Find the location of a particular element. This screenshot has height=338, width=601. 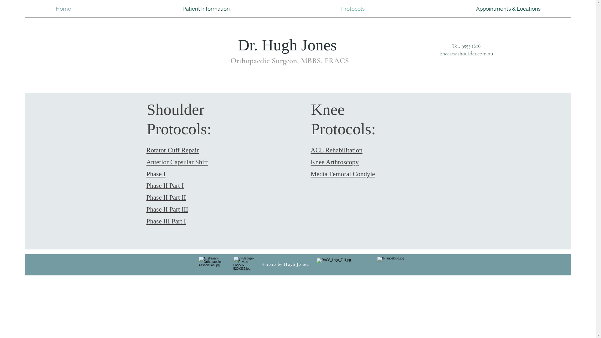

'Anterior Capsular Shift' is located at coordinates (177, 161).